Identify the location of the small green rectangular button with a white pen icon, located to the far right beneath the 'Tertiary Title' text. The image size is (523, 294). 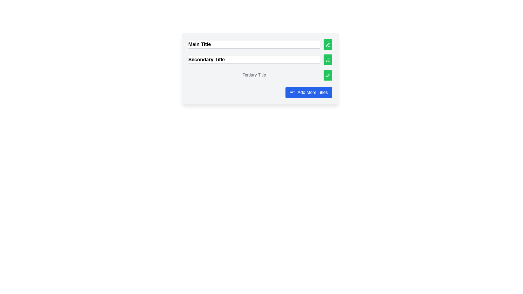
(327, 75).